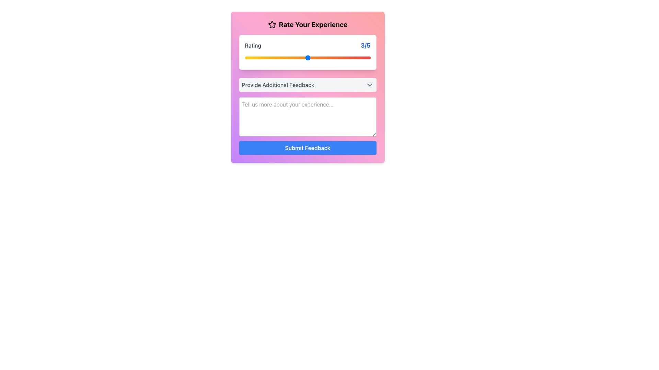 The width and height of the screenshot is (659, 370). I want to click on the rating, so click(307, 58).